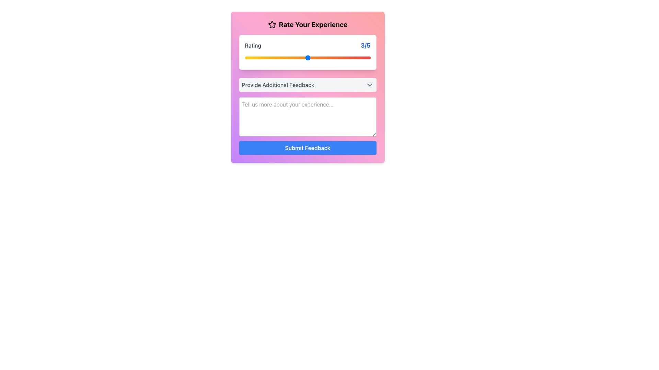 The width and height of the screenshot is (659, 370). I want to click on the rating, so click(307, 58).